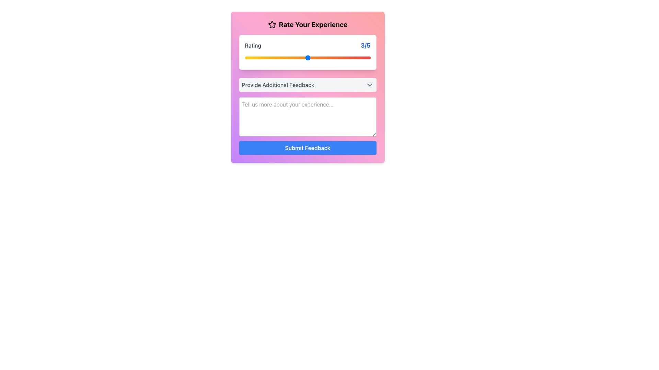 The width and height of the screenshot is (659, 370). I want to click on the rating, so click(307, 58).